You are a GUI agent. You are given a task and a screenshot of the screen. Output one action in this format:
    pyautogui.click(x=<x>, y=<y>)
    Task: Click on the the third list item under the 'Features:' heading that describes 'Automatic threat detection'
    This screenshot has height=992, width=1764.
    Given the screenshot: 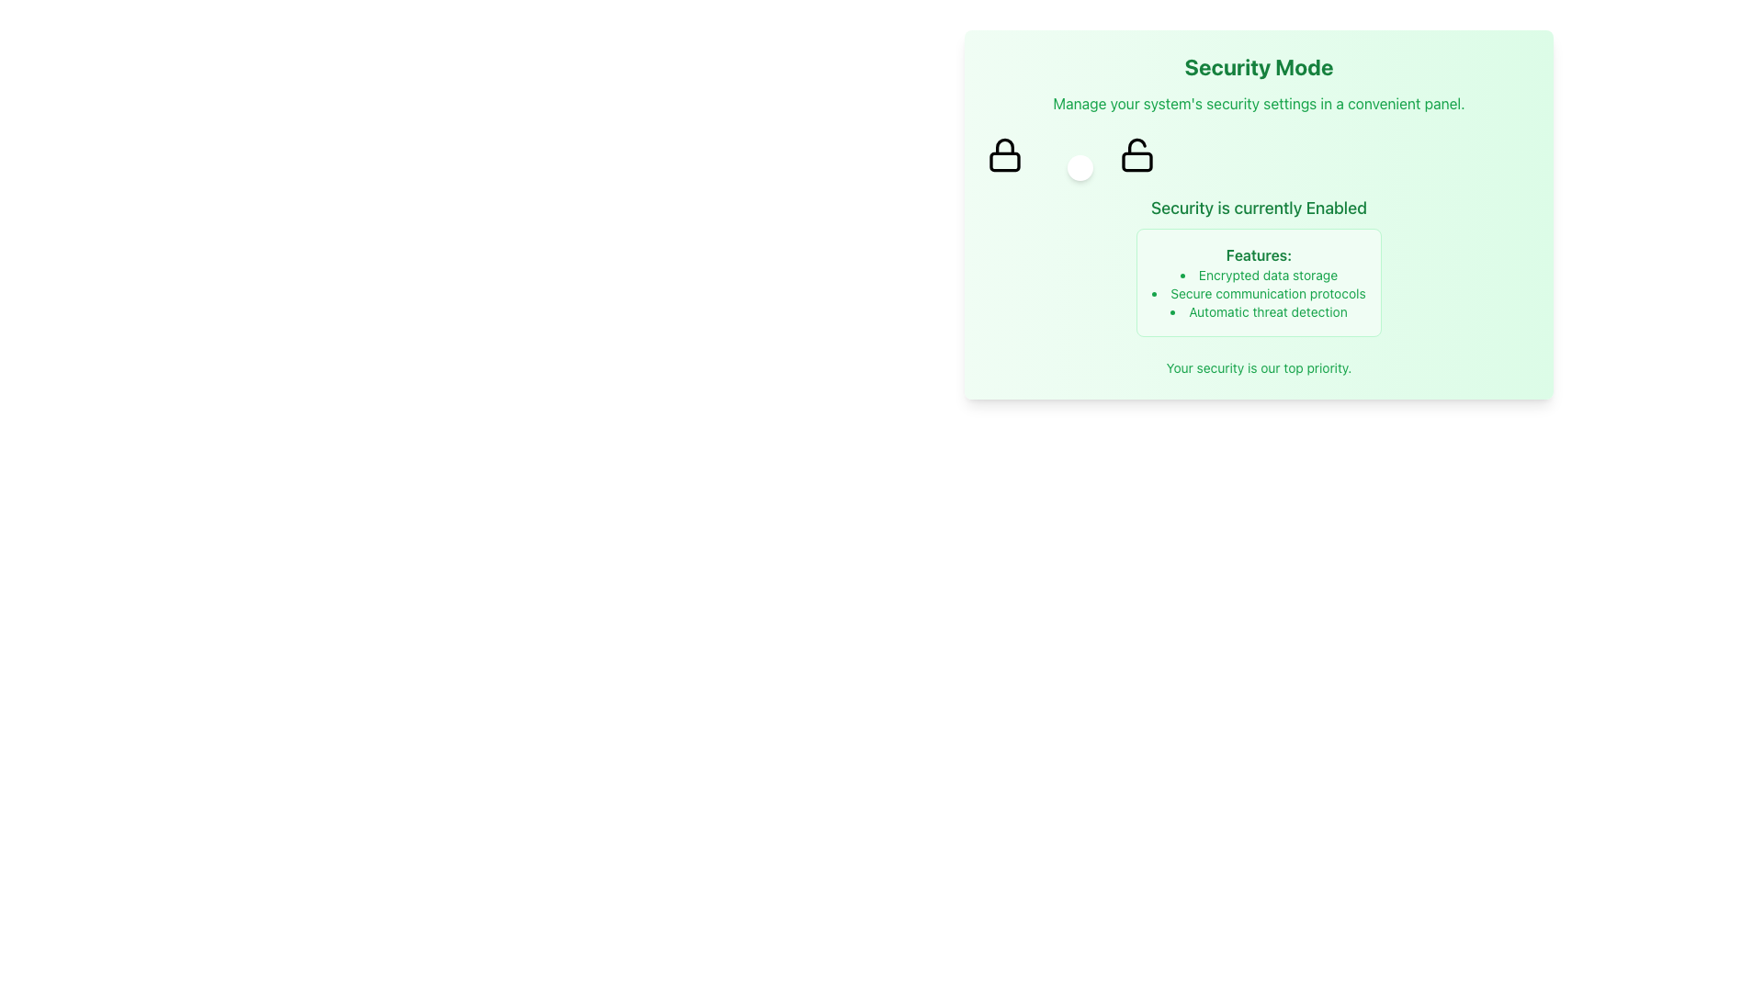 What is the action you would take?
    pyautogui.click(x=1258, y=310)
    